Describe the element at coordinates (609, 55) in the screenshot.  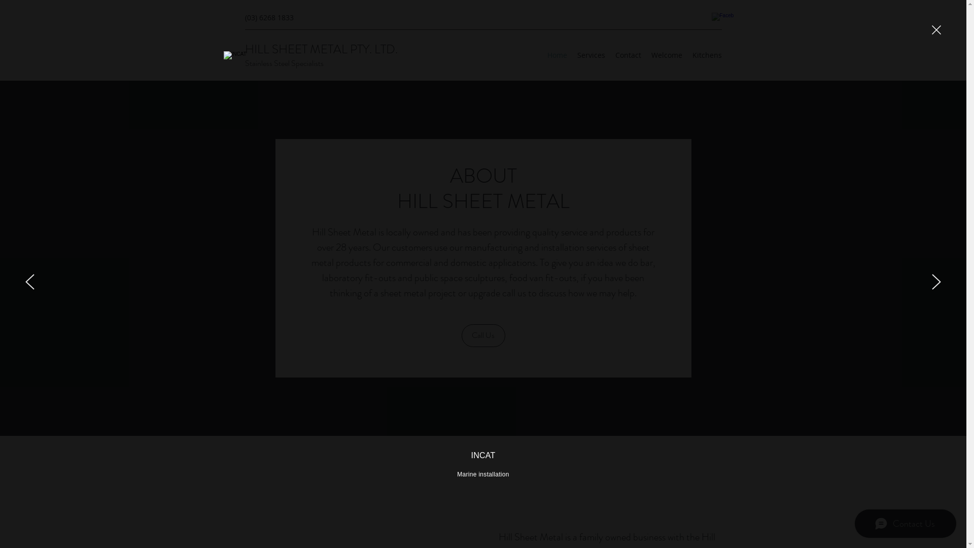
I see `'Contact'` at that location.